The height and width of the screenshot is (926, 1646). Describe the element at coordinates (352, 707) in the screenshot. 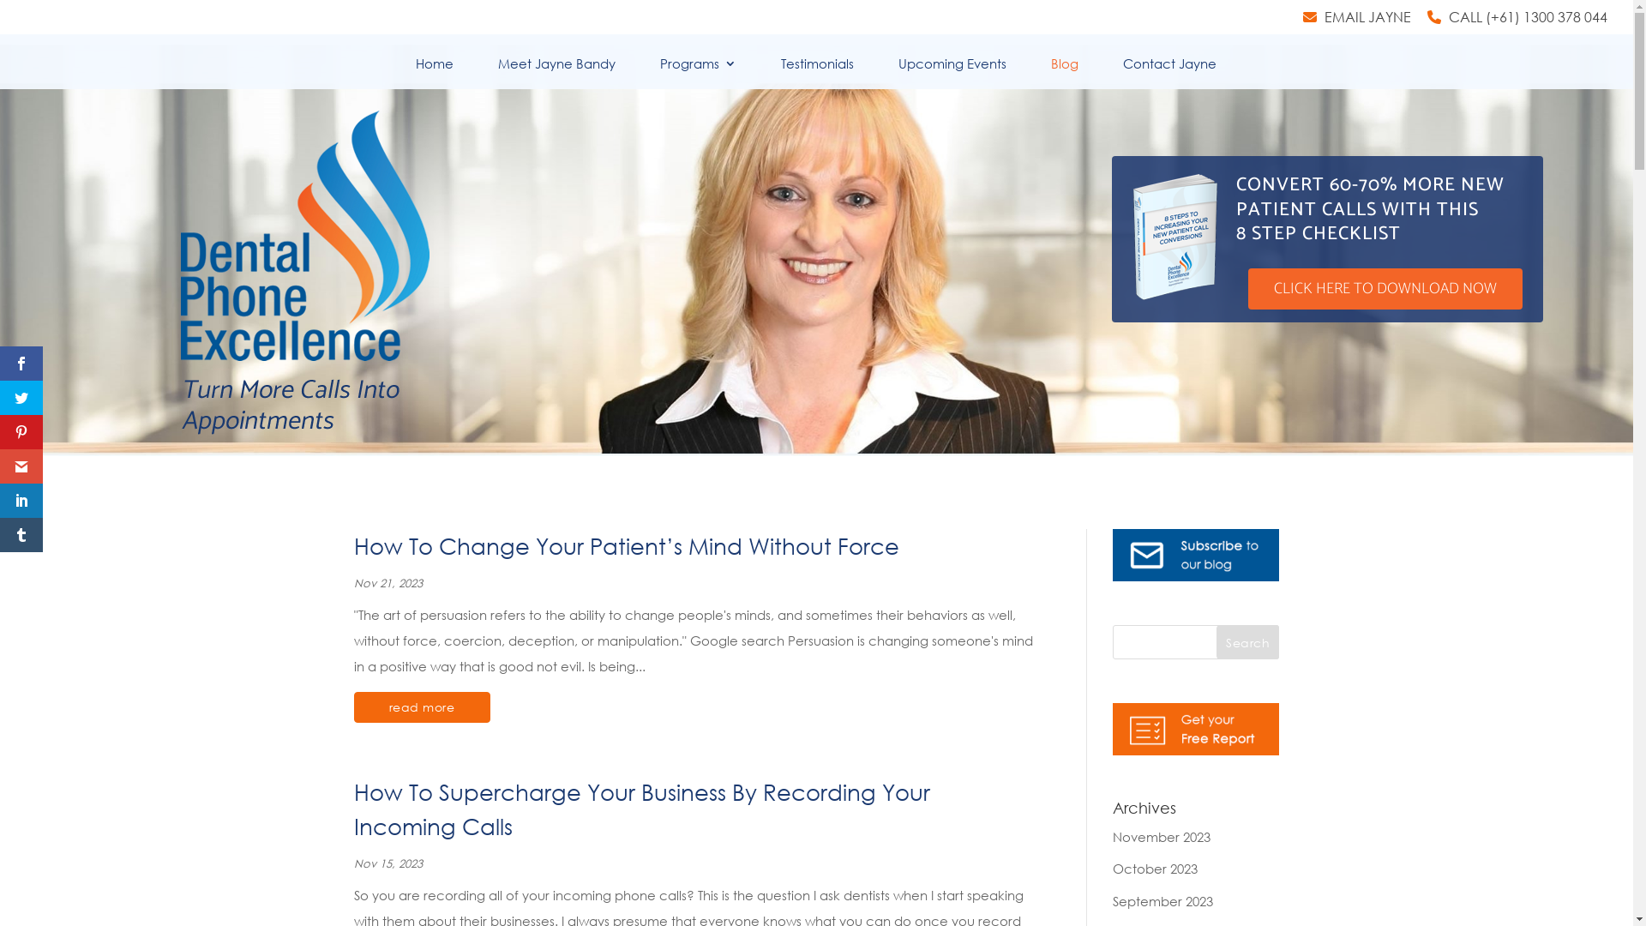

I see `'read more'` at that location.